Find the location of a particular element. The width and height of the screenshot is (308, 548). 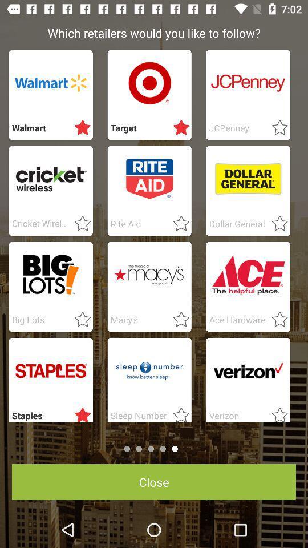

star option is located at coordinates (275, 320).